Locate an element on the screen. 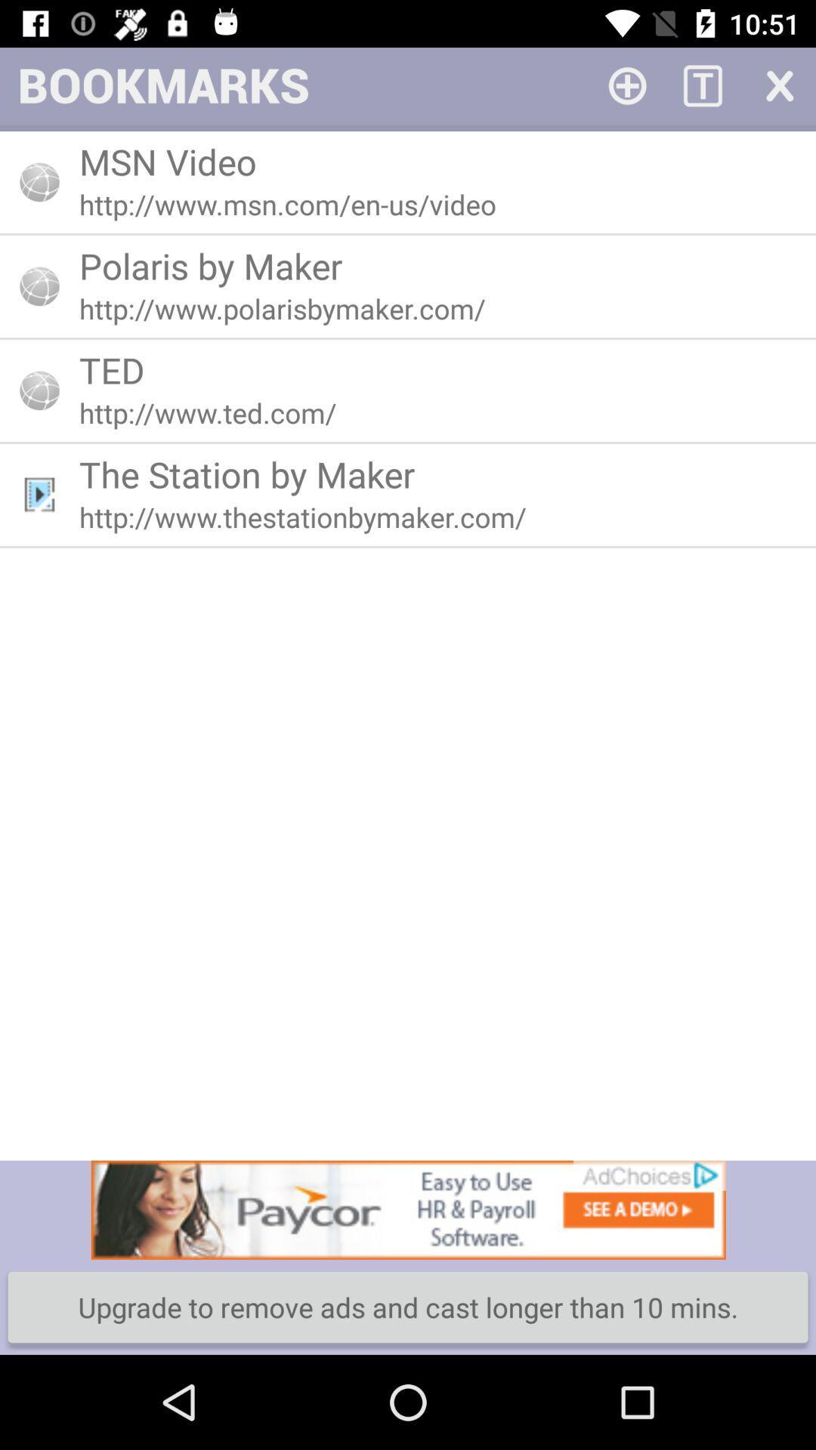 The width and height of the screenshot is (816, 1450). switch is located at coordinates (778, 84).